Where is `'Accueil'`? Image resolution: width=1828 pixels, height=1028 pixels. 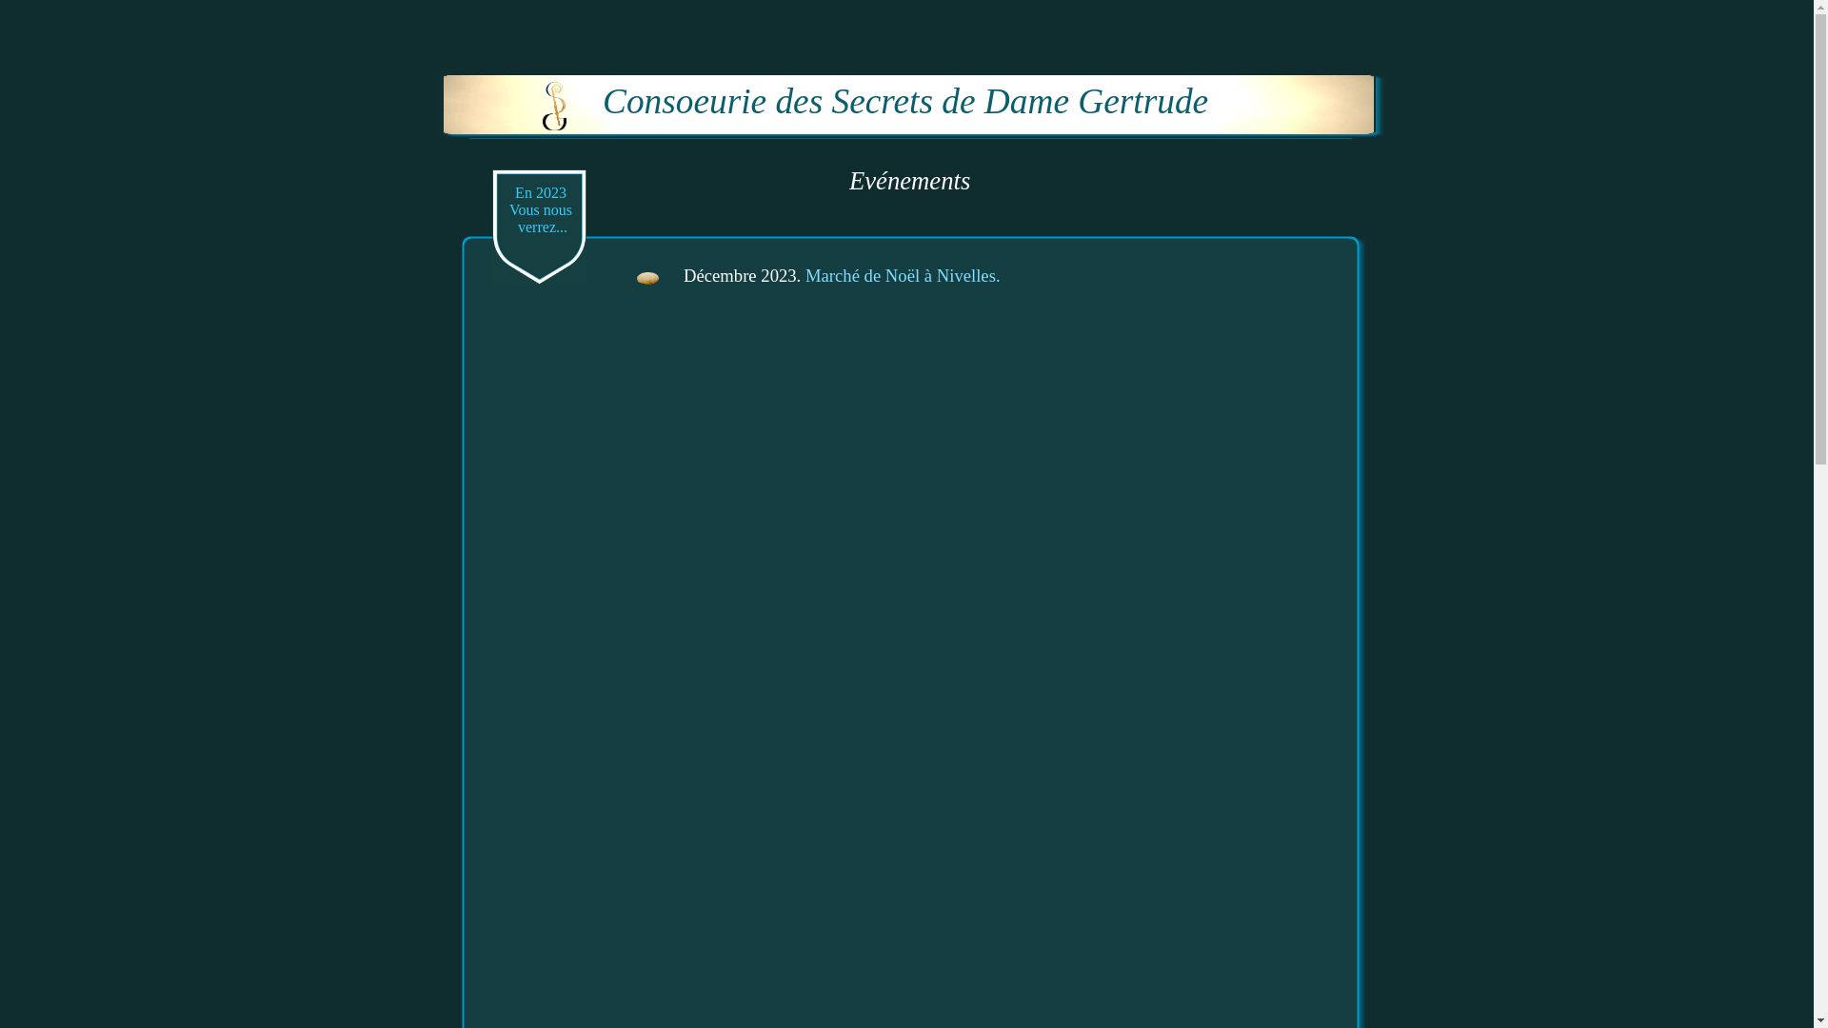
'Accueil' is located at coordinates (553, 106).